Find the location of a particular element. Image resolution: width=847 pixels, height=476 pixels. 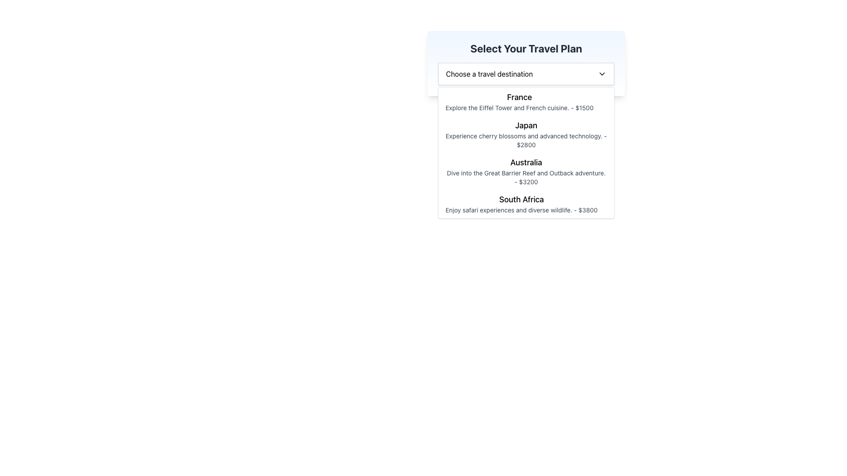

the descriptive text element for 'South Africa', which is located in the dropdown listing directly below the title 'South Africa' is located at coordinates (521, 210).